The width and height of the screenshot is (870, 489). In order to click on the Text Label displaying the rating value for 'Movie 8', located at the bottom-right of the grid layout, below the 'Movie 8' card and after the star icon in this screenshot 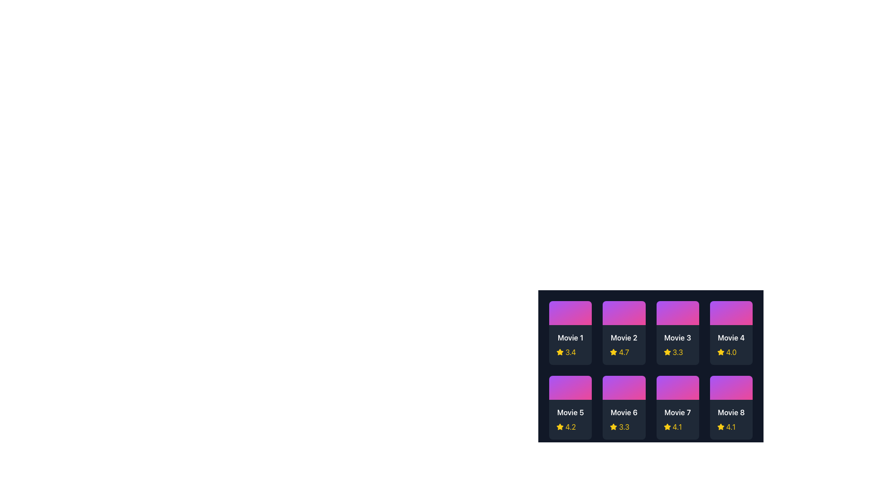, I will do `click(730, 427)`.